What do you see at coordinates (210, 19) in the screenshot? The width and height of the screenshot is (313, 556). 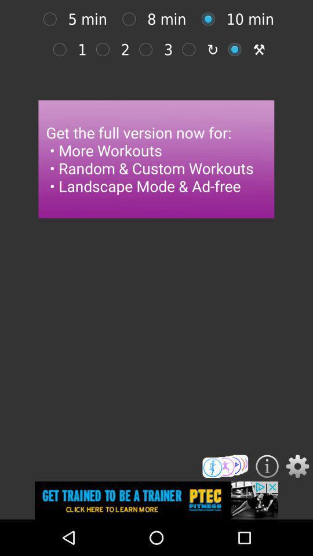 I see `10 minutes` at bounding box center [210, 19].